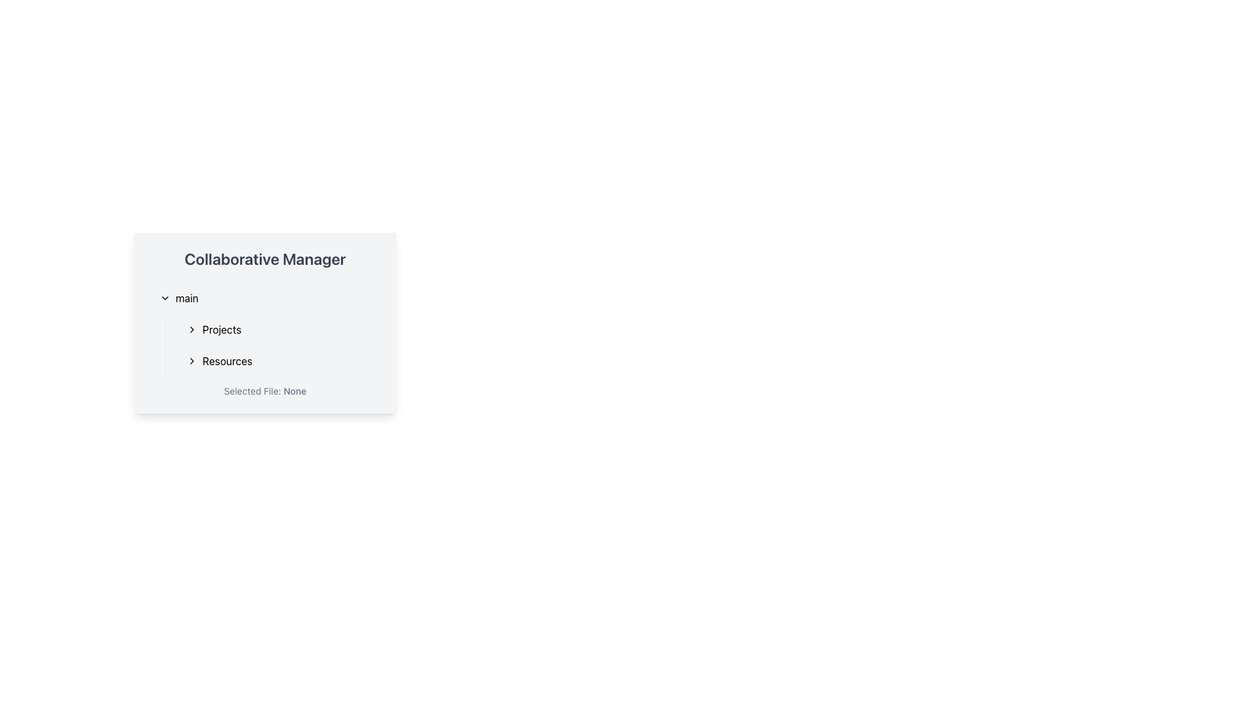  I want to click on the collapsible/expandable icon to the left of the 'Projects' text, so click(191, 328).